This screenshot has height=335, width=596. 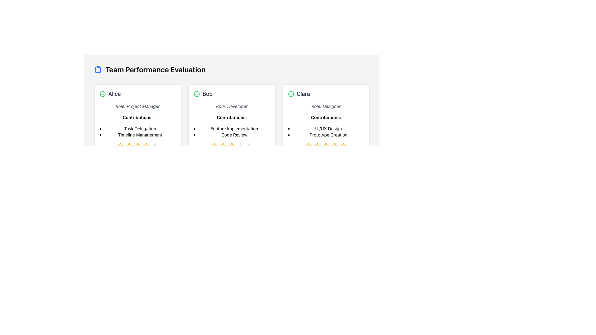 I want to click on the clipboard icon located before the title text 'Team Performance Evaluation', so click(x=98, y=69).